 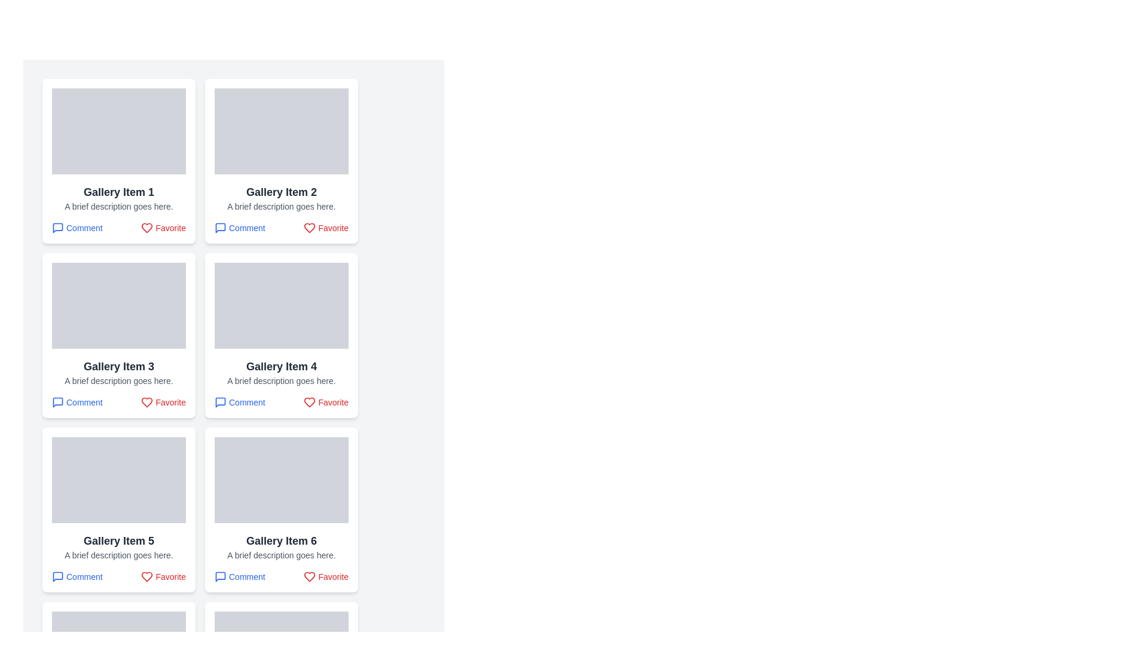 What do you see at coordinates (57, 228) in the screenshot?
I see `the comment interaction icon located to the left of the 'Comment' text label within the Gallery Item 1 card` at bounding box center [57, 228].